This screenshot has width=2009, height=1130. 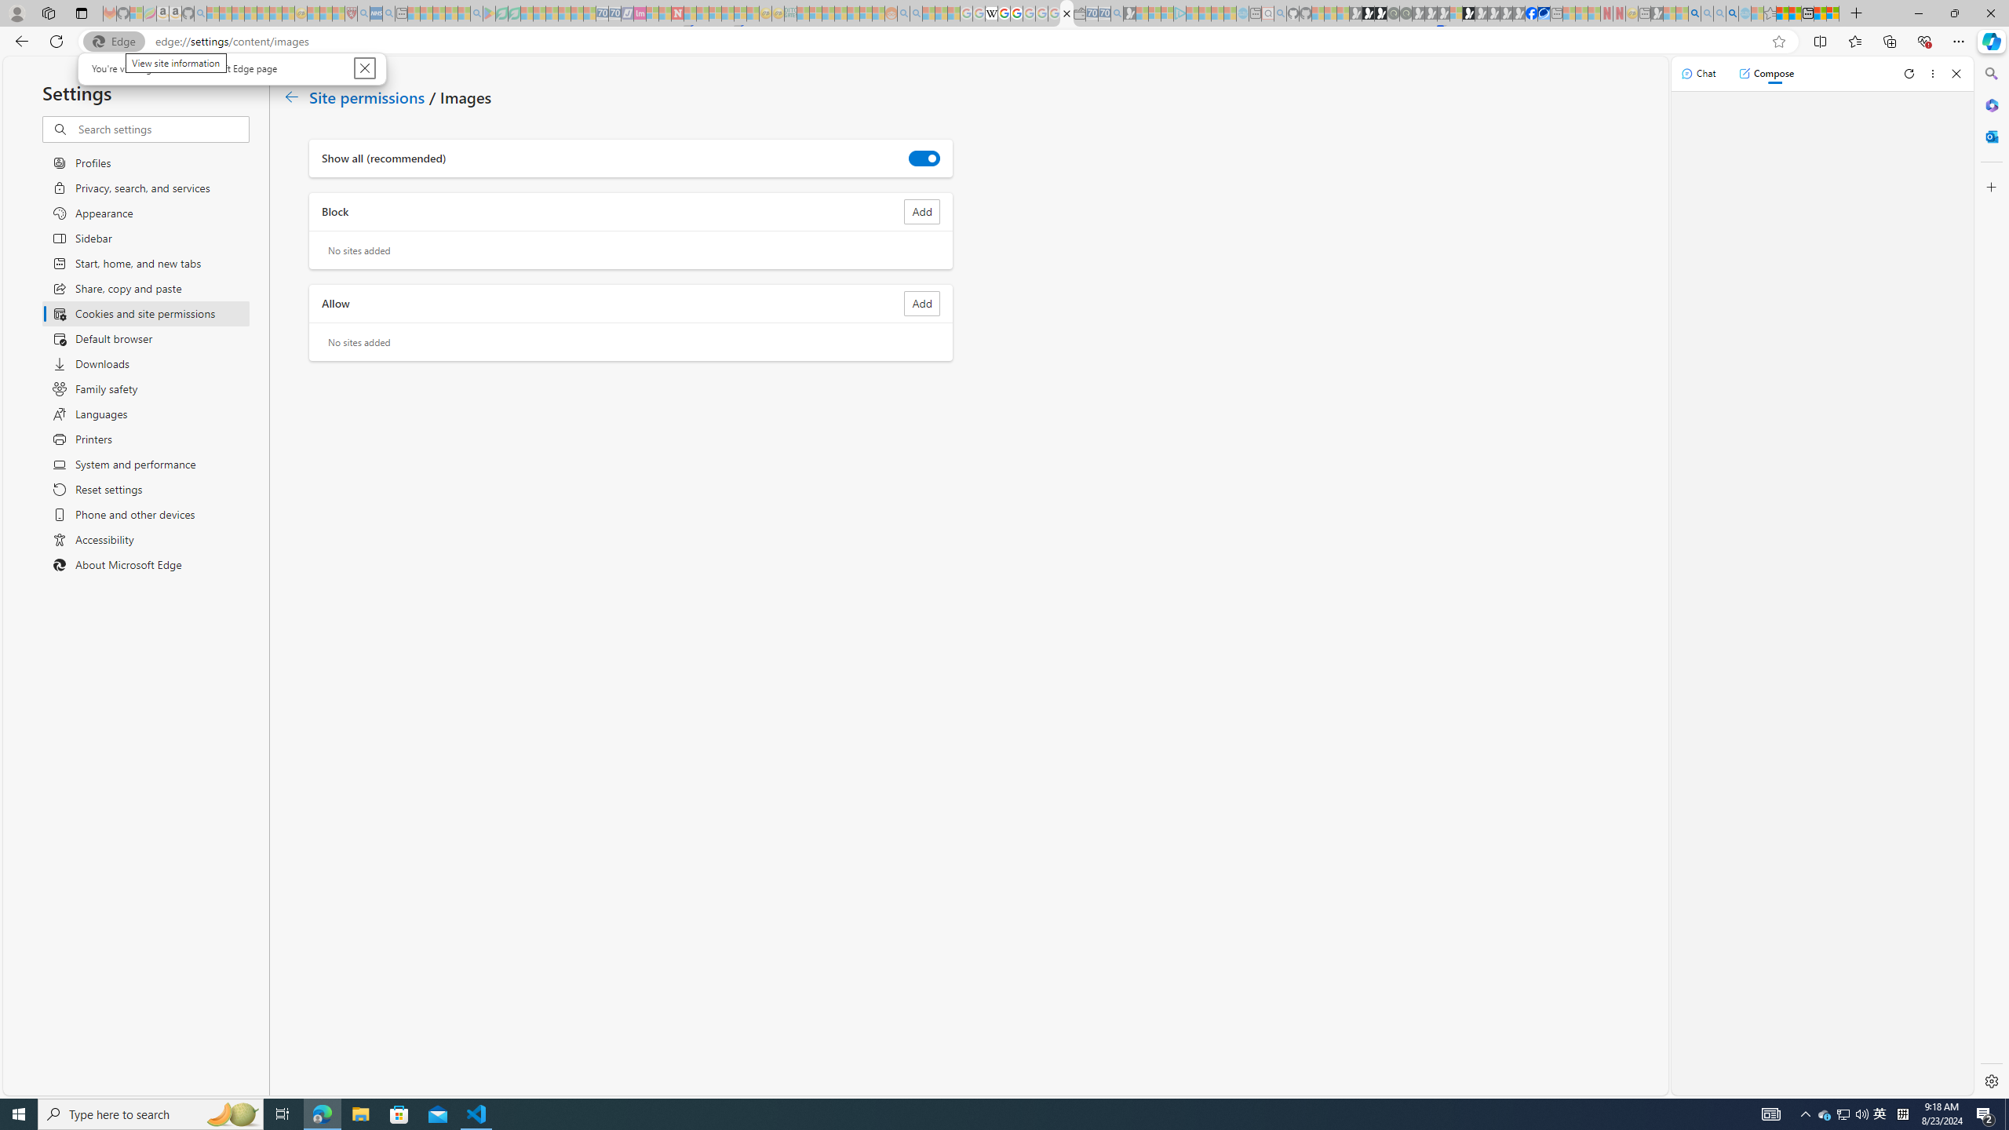 What do you see at coordinates (2006, 1113) in the screenshot?
I see `'Show desktop'` at bounding box center [2006, 1113].